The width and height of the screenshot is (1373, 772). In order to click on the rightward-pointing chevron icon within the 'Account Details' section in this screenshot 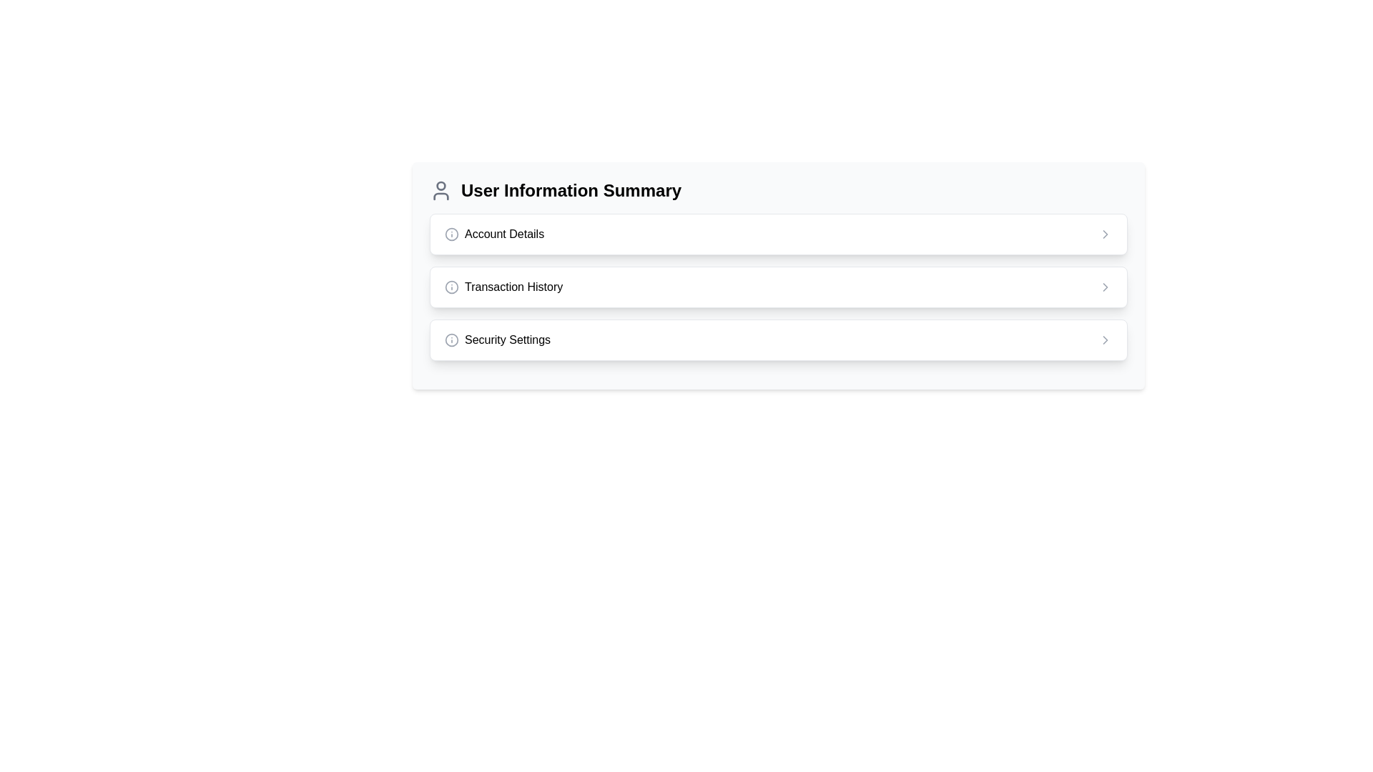, I will do `click(1104, 233)`.